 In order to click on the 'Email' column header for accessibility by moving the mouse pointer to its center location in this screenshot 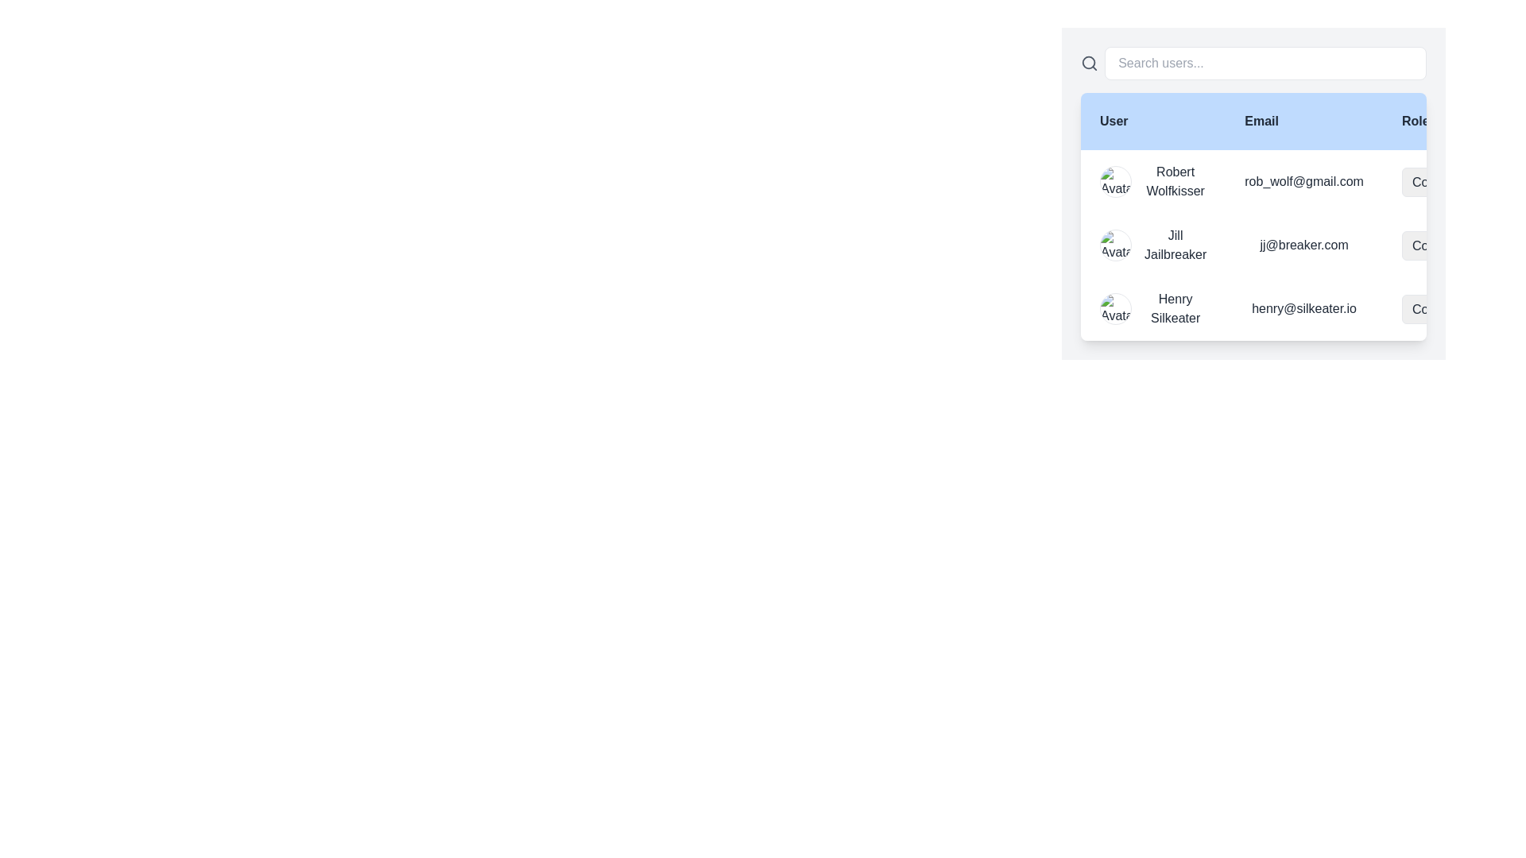, I will do `click(1304, 121)`.